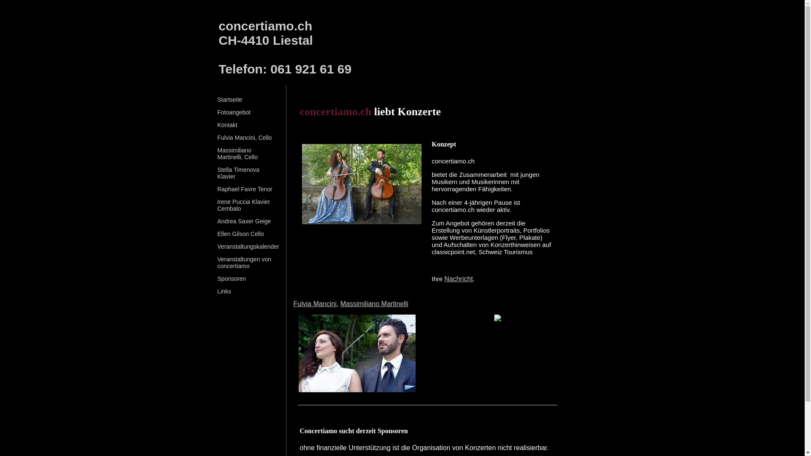 This screenshot has width=811, height=456. I want to click on 'concertiamo.ch, so click(219, 47).